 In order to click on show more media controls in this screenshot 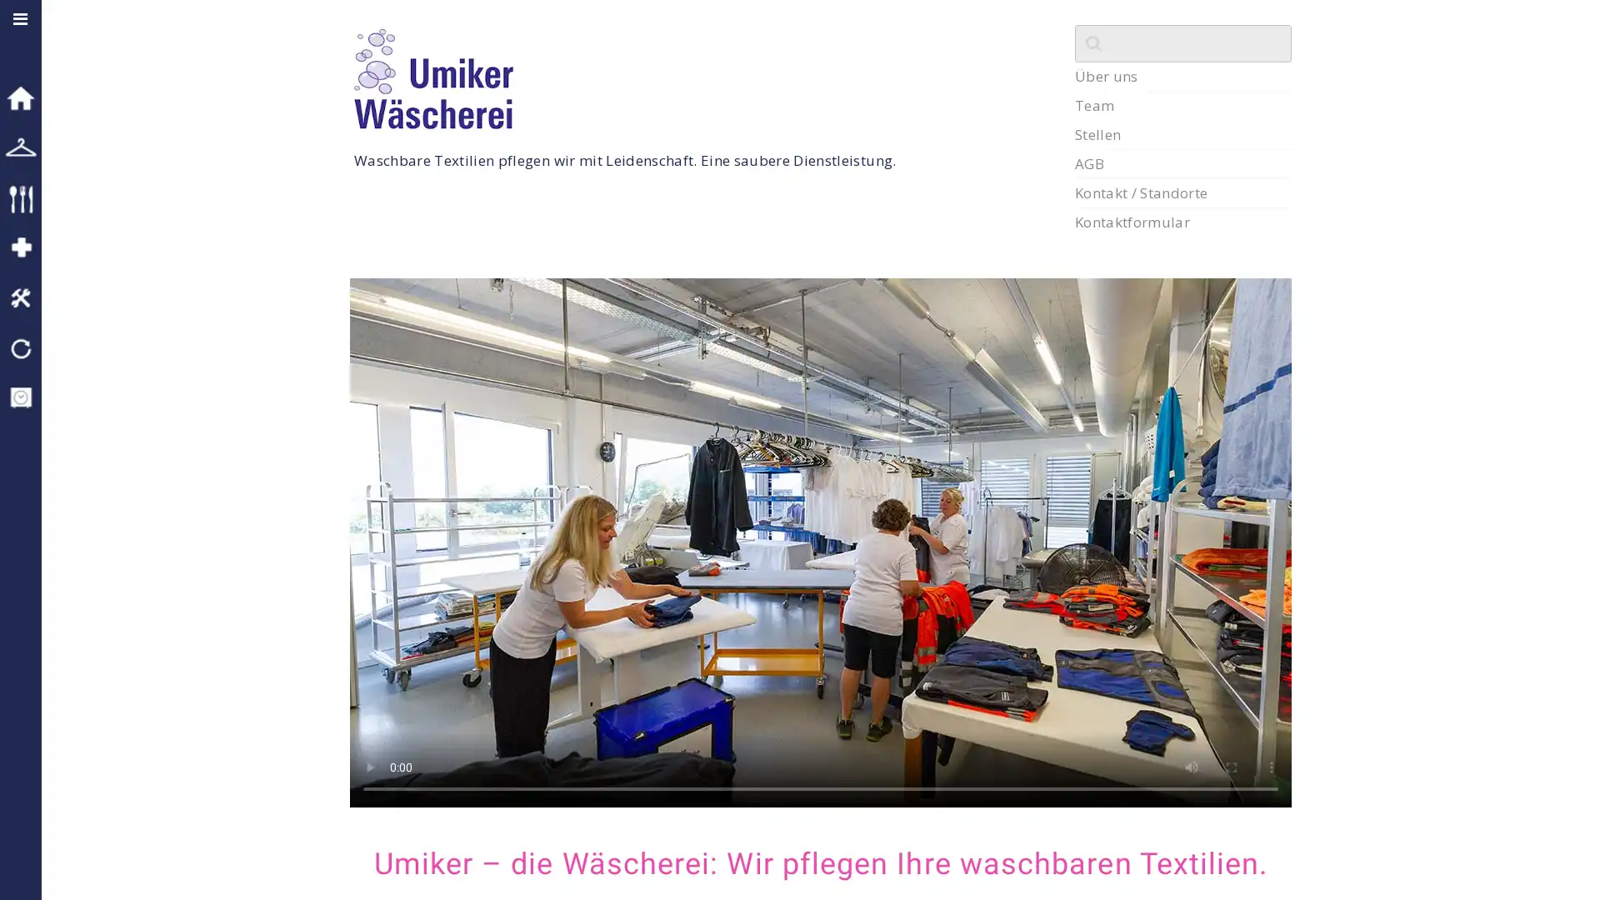, I will do `click(1271, 767)`.